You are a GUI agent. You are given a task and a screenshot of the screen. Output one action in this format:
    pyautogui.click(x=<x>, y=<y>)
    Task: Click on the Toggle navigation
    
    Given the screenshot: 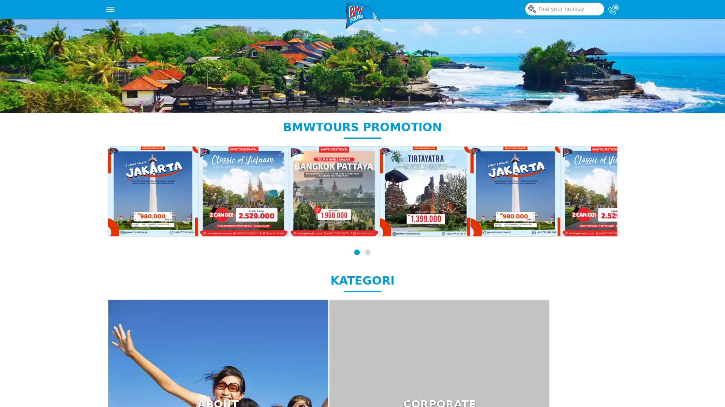 What is the action you would take?
    pyautogui.click(x=110, y=9)
    